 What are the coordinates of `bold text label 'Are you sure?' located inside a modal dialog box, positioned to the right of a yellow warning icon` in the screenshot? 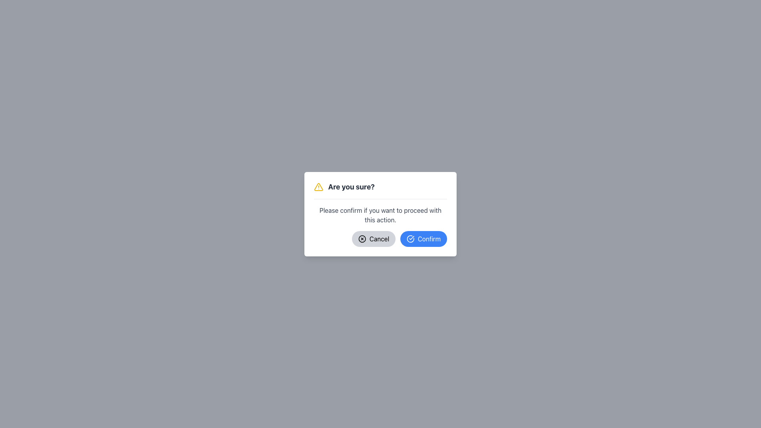 It's located at (351, 187).